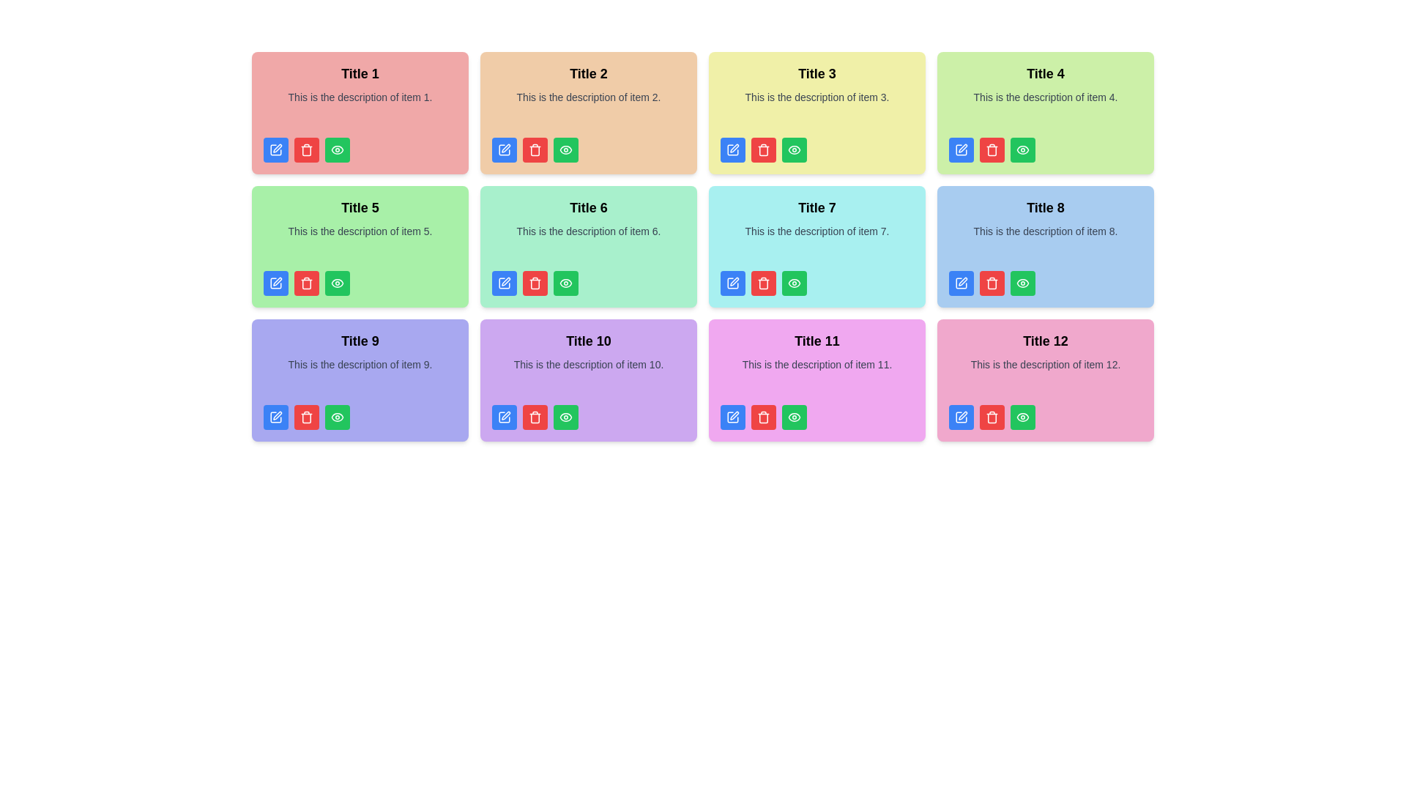 The image size is (1406, 791). I want to click on the title Text label in the fourth row, fifth column of the grid layout, which serves as the primary identifier for the card's information and actions, so click(817, 341).